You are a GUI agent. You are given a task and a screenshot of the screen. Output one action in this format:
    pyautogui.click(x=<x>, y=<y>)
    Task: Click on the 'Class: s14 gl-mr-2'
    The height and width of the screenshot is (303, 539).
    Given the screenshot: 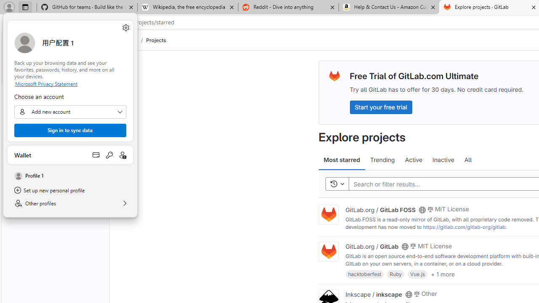 What is the action you would take?
    pyautogui.click(x=416, y=293)
    